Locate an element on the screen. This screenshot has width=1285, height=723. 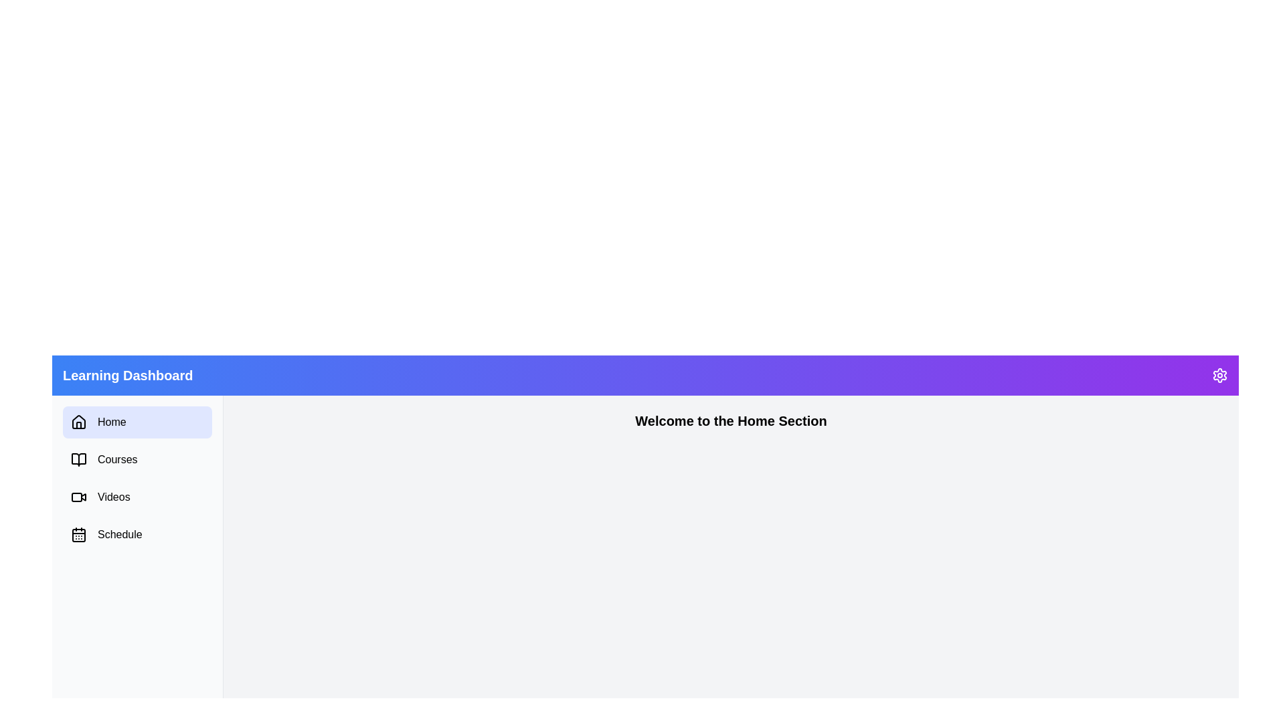
the 'Schedule' button in the vertical sidebar navigation menu is located at coordinates (137, 534).